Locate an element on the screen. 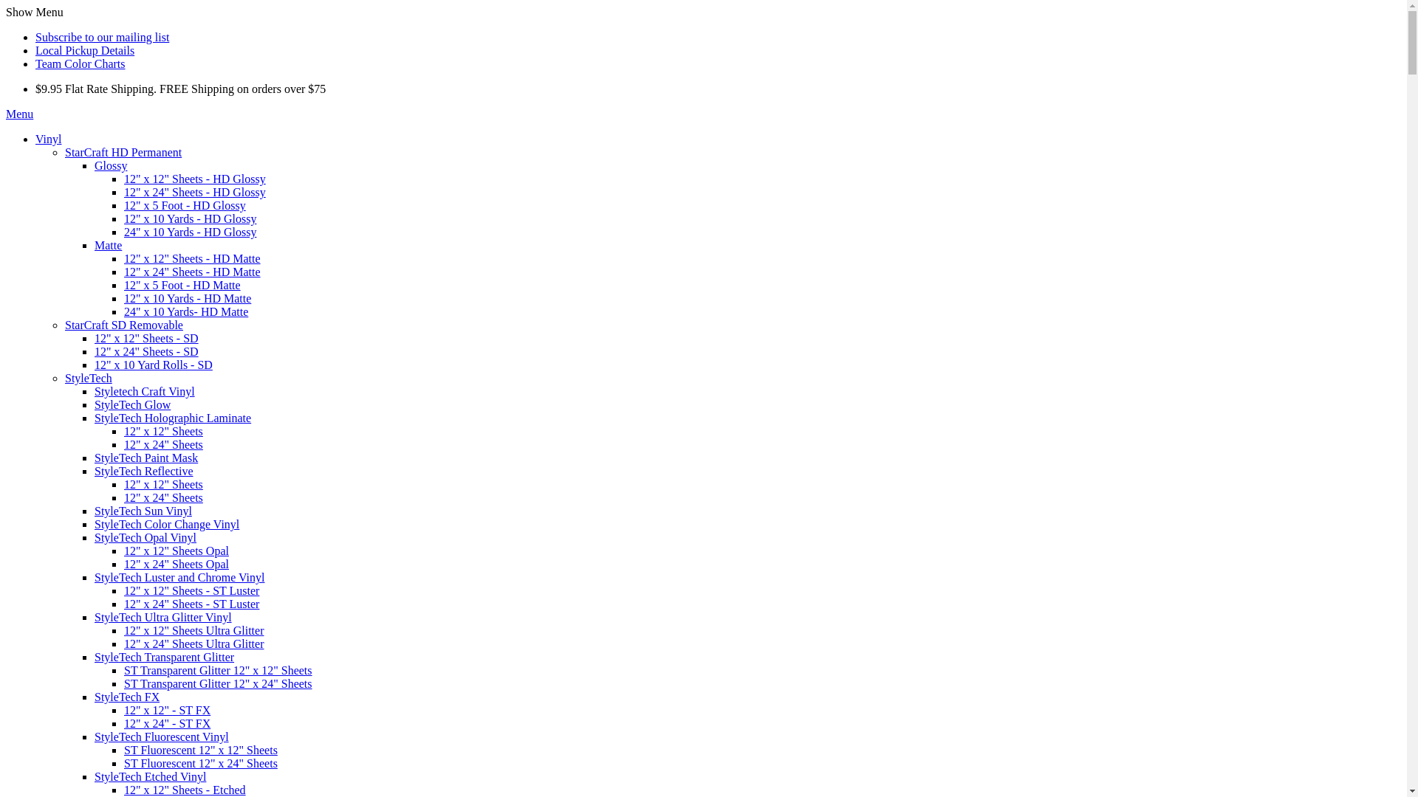 This screenshot has width=1418, height=797. '12" x 12" Sheets - SD' is located at coordinates (146, 338).